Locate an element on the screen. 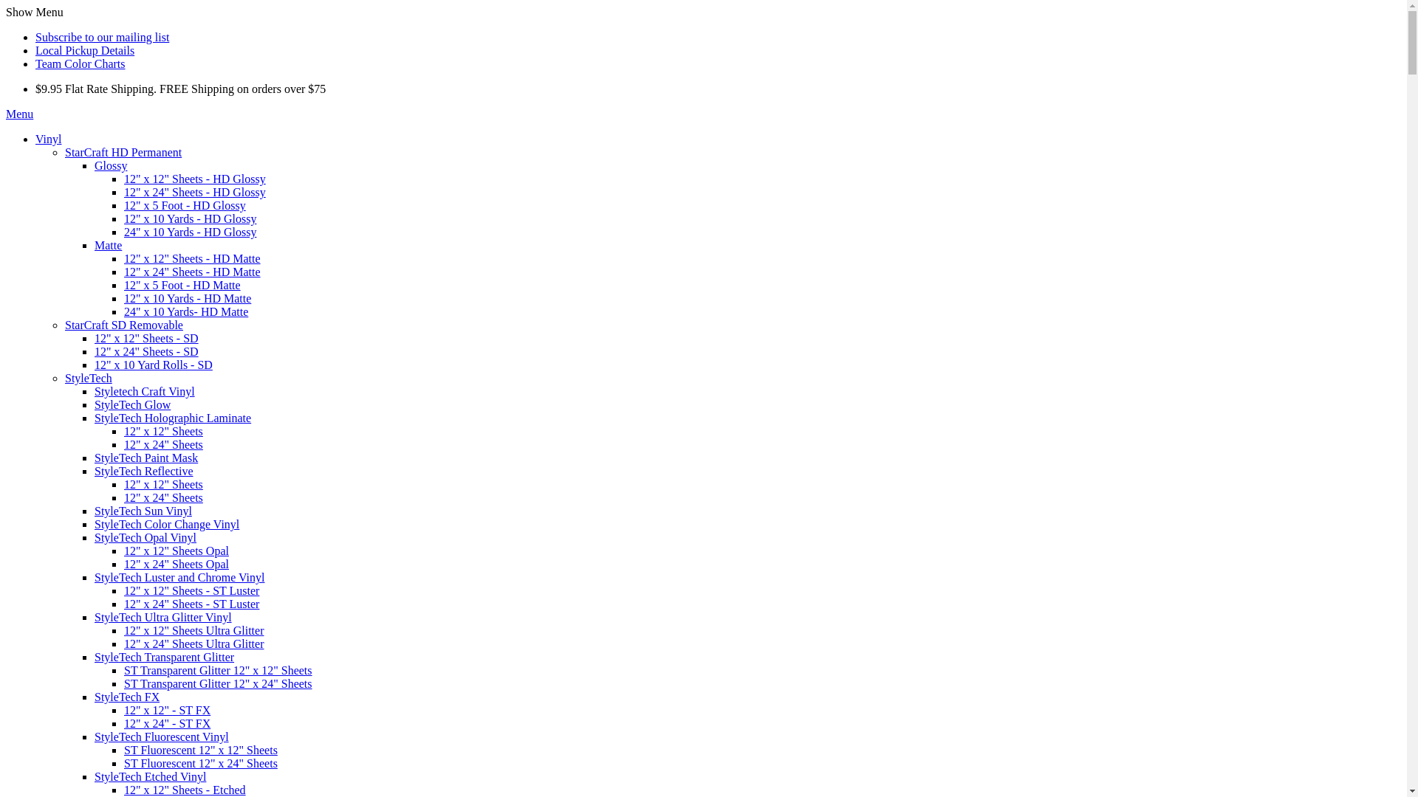 This screenshot has width=1418, height=797. '12" x 12" Sheets - SD' is located at coordinates (146, 338).